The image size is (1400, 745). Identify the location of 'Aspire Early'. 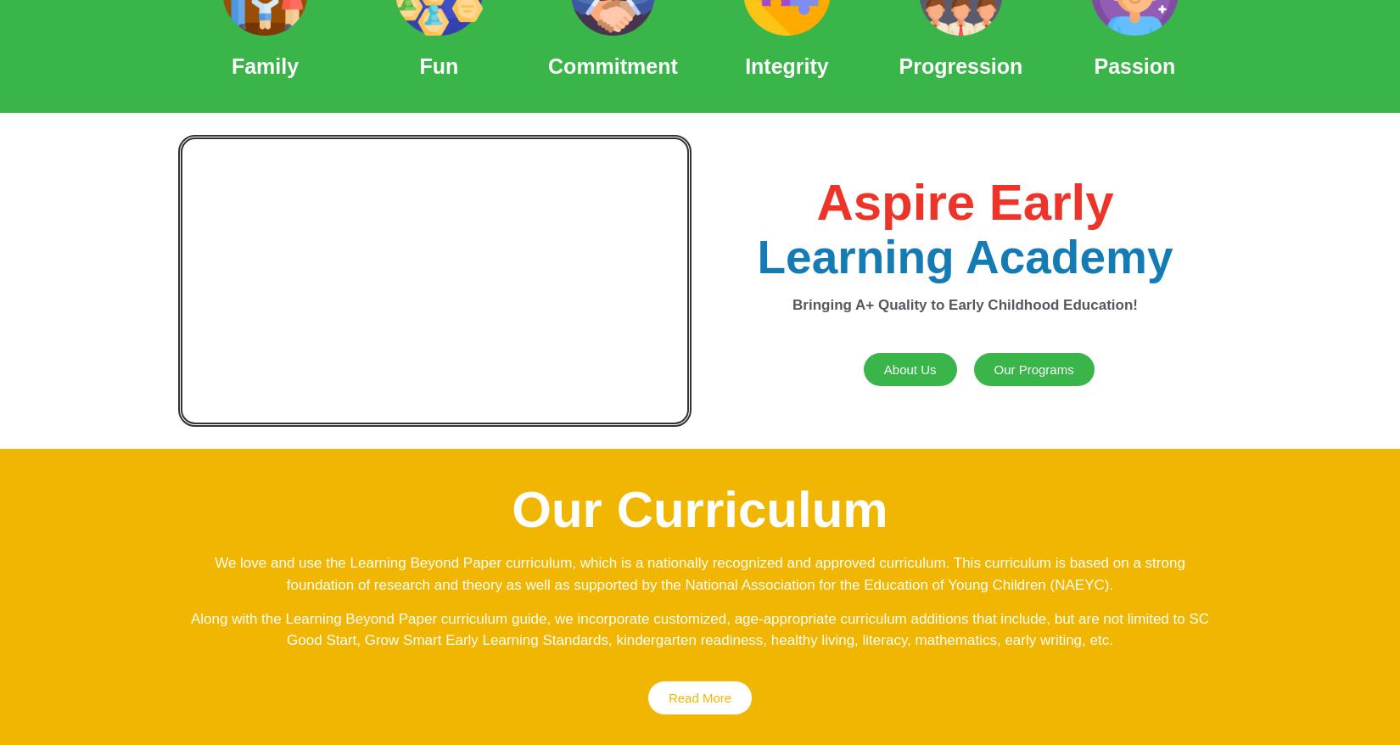
(965, 201).